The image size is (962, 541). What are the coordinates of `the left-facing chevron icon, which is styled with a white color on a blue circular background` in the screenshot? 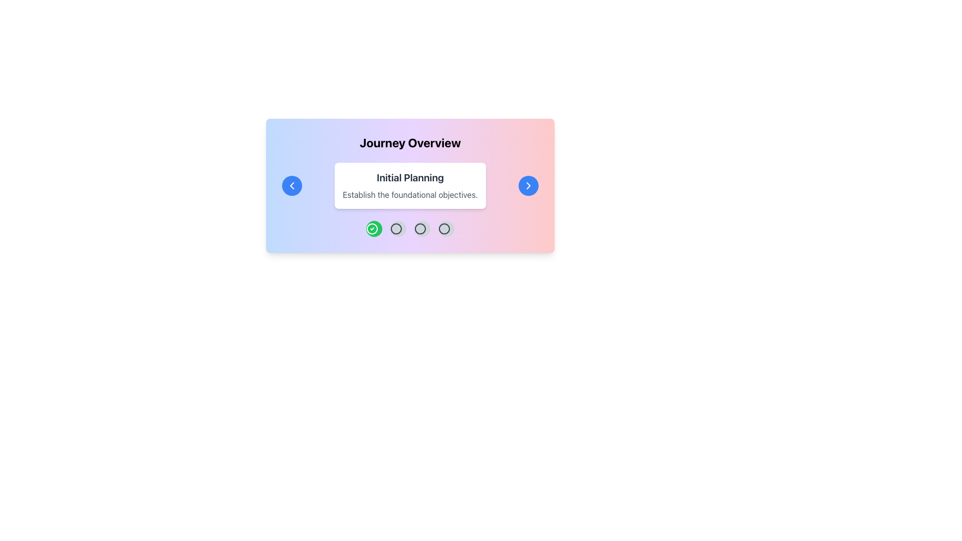 It's located at (291, 185).